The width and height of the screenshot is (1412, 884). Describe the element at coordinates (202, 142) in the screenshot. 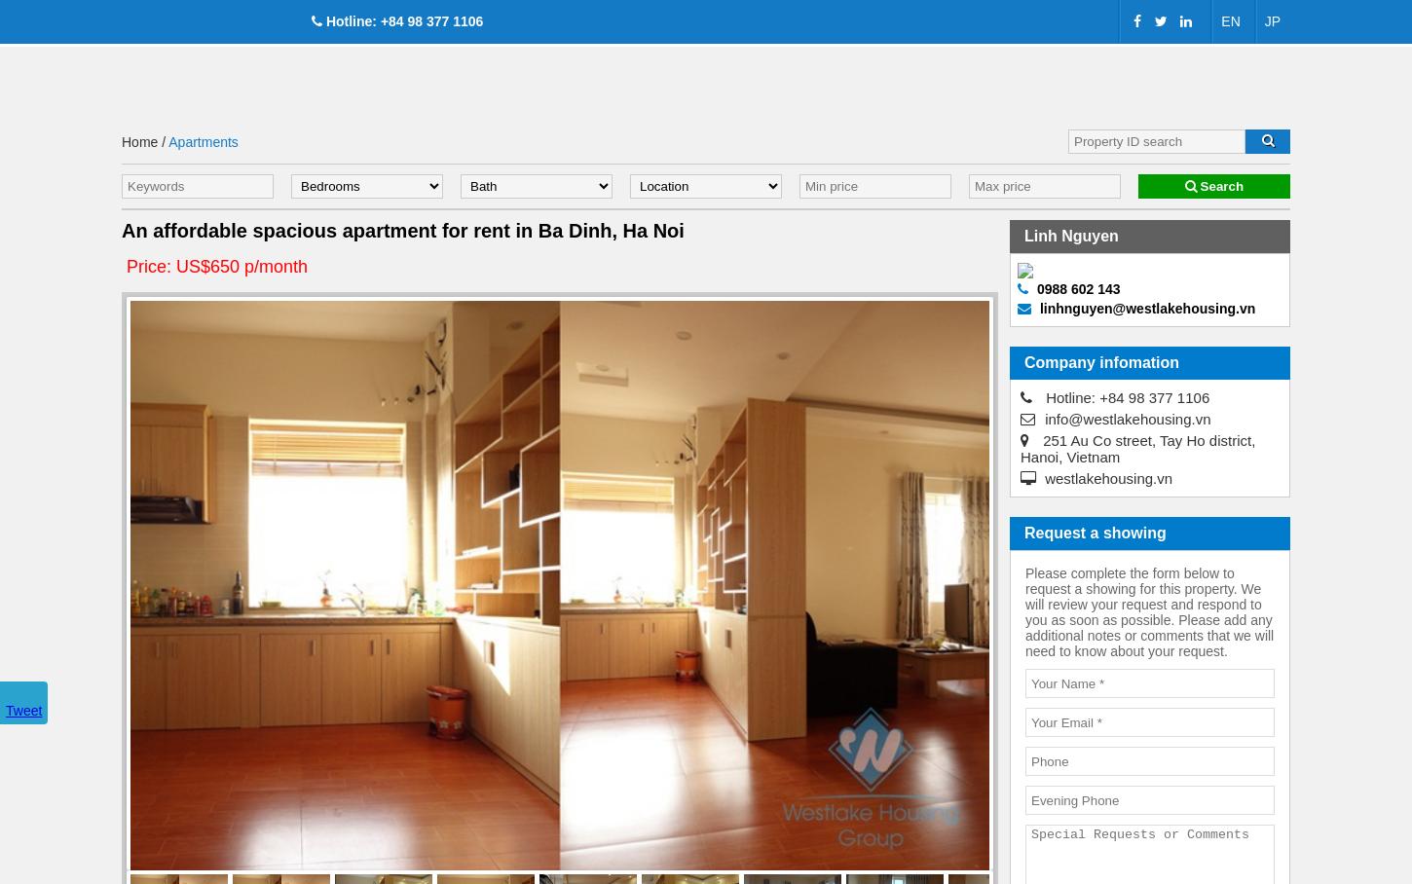

I see `'Apartments'` at that location.